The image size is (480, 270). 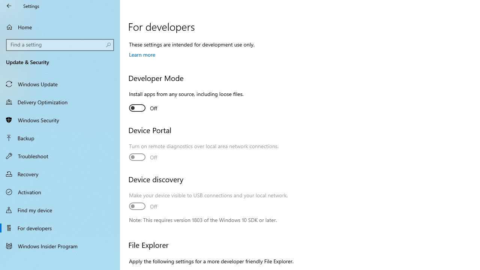 I want to click on 'Search box, Find a setting', so click(x=60, y=45).